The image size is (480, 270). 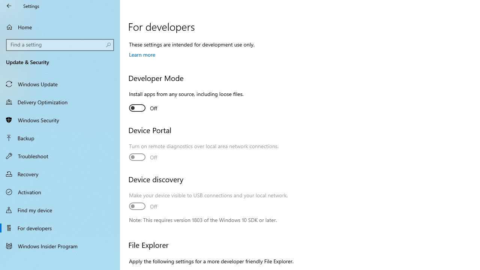 I want to click on 'Search box, Find a setting', so click(x=60, y=45).